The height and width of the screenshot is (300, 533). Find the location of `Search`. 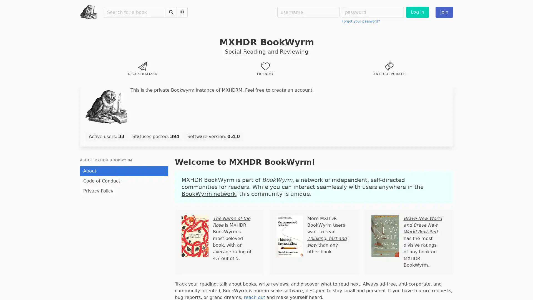

Search is located at coordinates (171, 12).